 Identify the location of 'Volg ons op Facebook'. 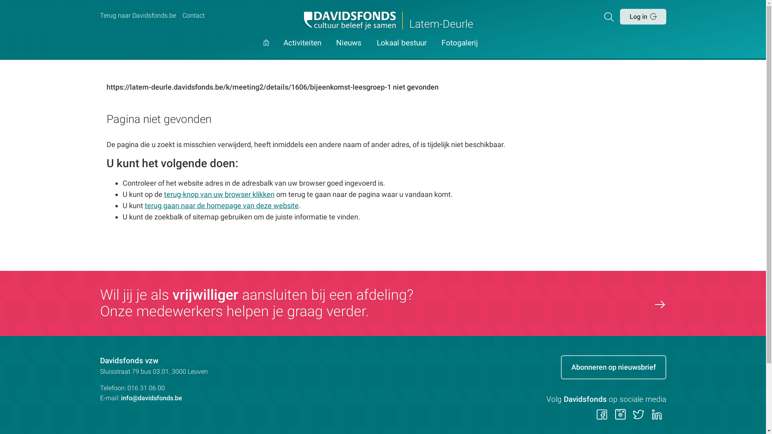
(602, 415).